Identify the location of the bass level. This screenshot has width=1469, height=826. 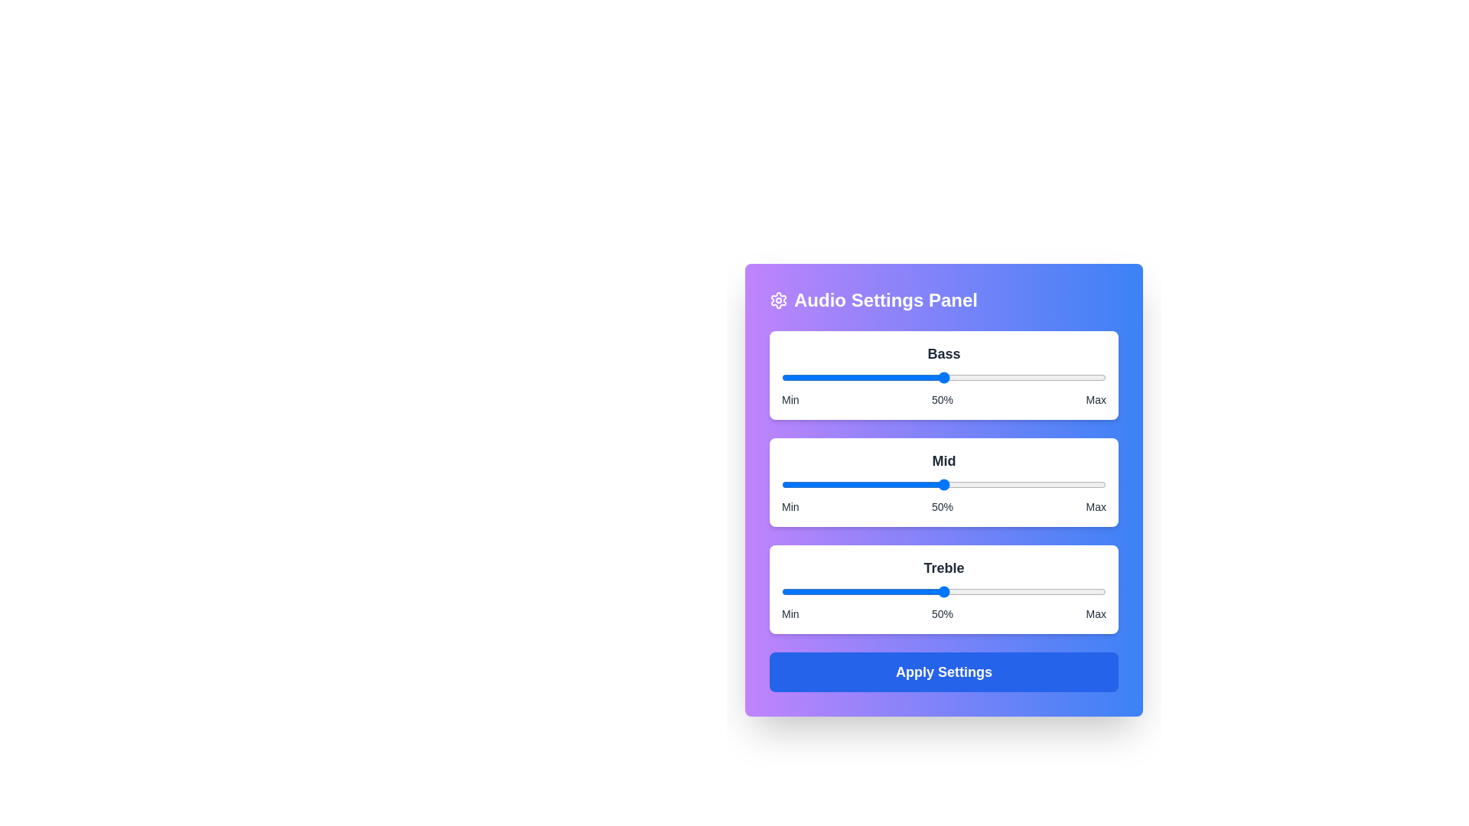
(986, 377).